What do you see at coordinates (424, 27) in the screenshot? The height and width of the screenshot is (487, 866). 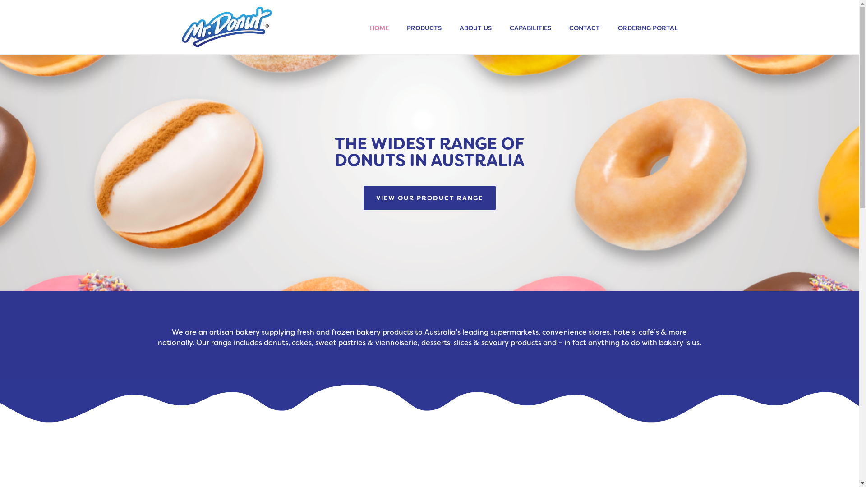 I see `'PRODUCTS'` at bounding box center [424, 27].